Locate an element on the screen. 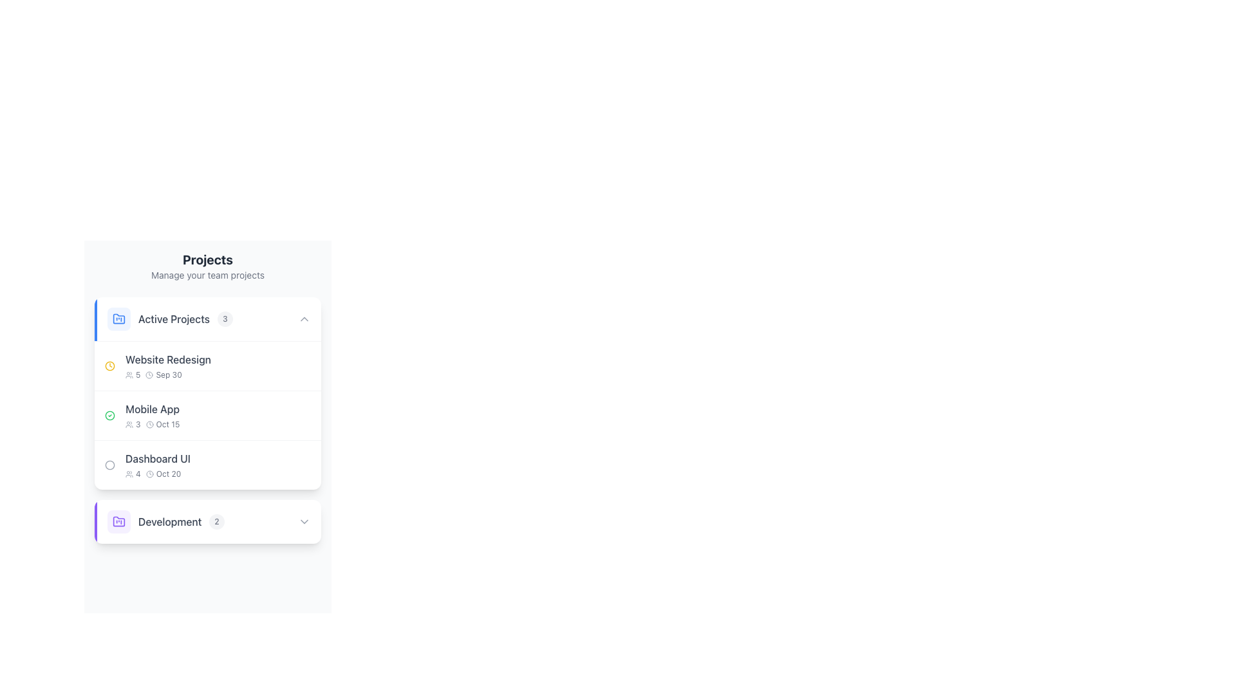 Image resolution: width=1236 pixels, height=695 pixels. the static text label displaying 'Oct 20', which is styled in gray and indicates secondary information, located near the clock icon in the 'Active Projects' section of the 'Dashboard UI' is located at coordinates (168, 474).